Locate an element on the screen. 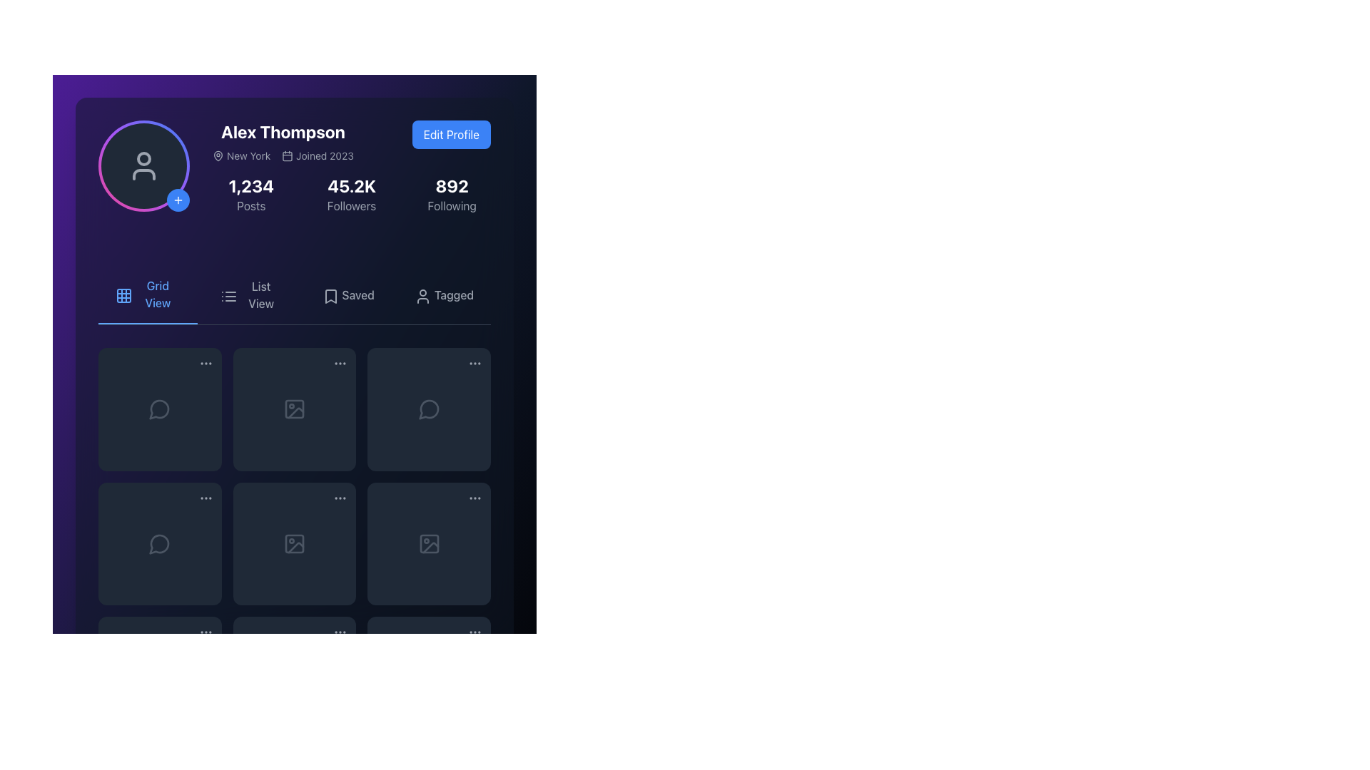 The image size is (1370, 770). the button located is located at coordinates (205, 497).